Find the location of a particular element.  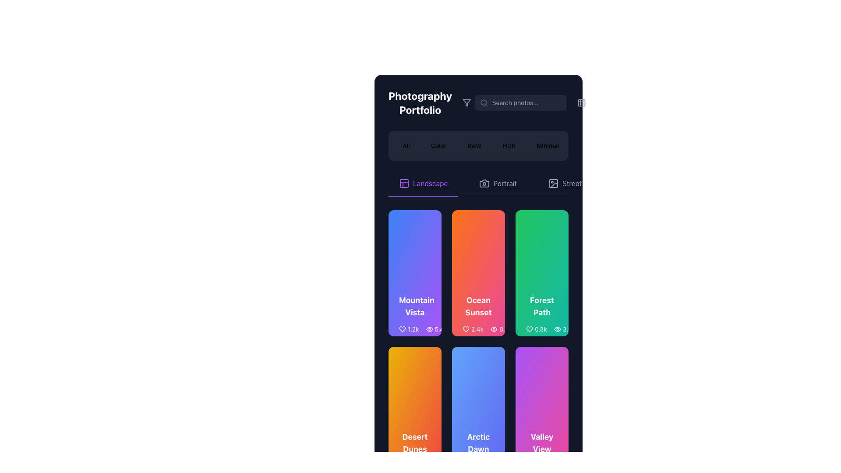

the text label positioned in the bottom-left of the visible section, which serves as a title or label for the associated content is located at coordinates (414, 443).